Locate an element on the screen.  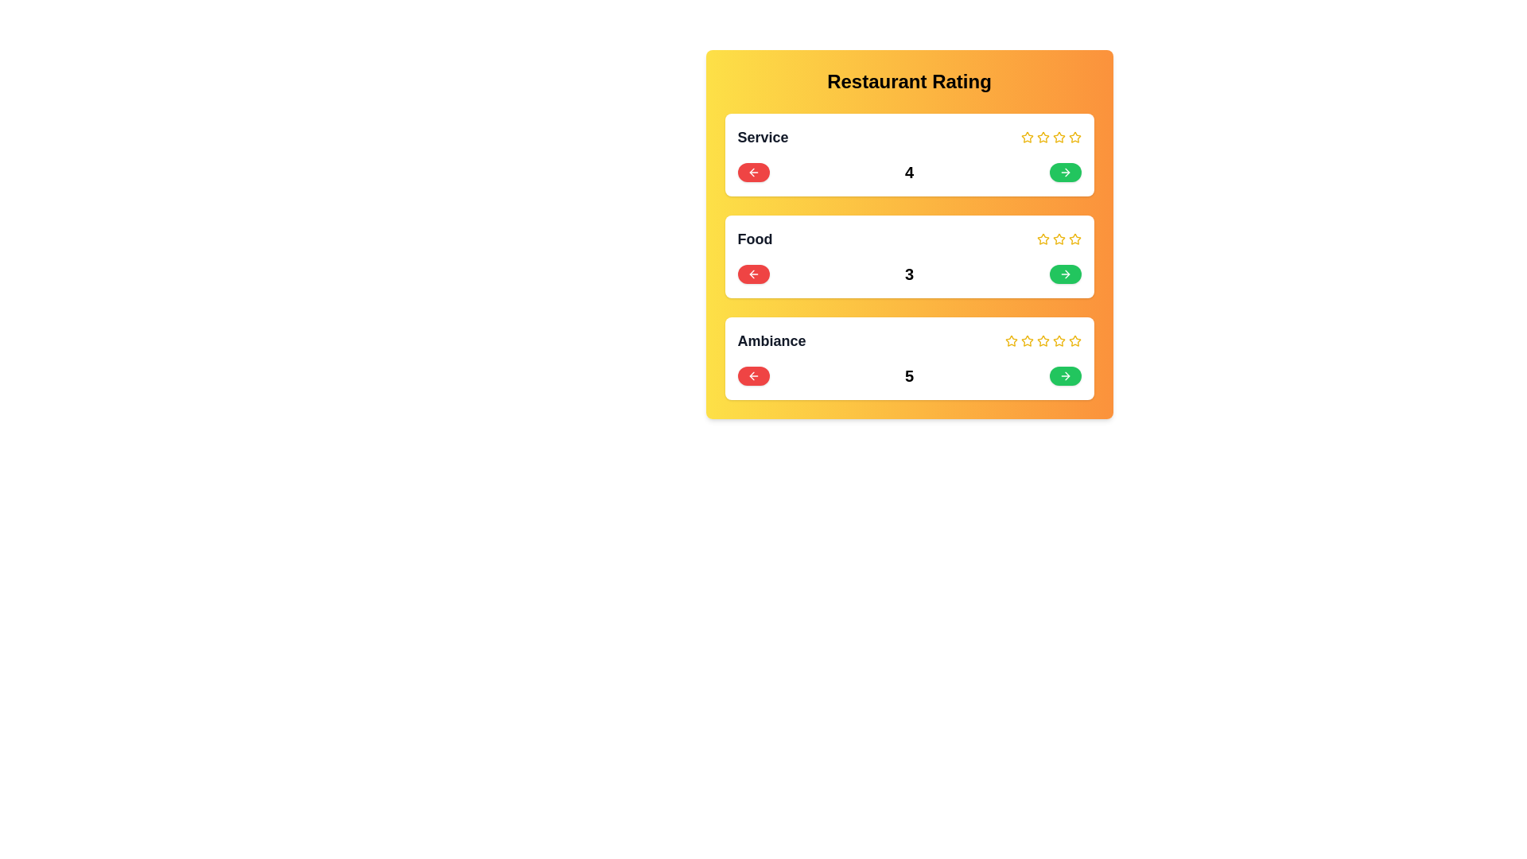
the fourth yellow star icon in the Ambiance rating row is located at coordinates (1058, 340).